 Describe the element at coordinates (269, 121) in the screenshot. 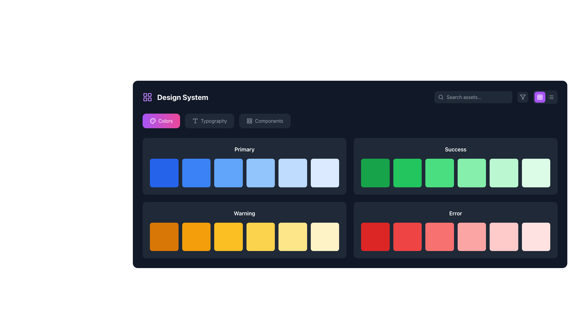

I see `the label text within the button located in the horizontal menu row, which is positioned to the right of a grid icon` at that location.